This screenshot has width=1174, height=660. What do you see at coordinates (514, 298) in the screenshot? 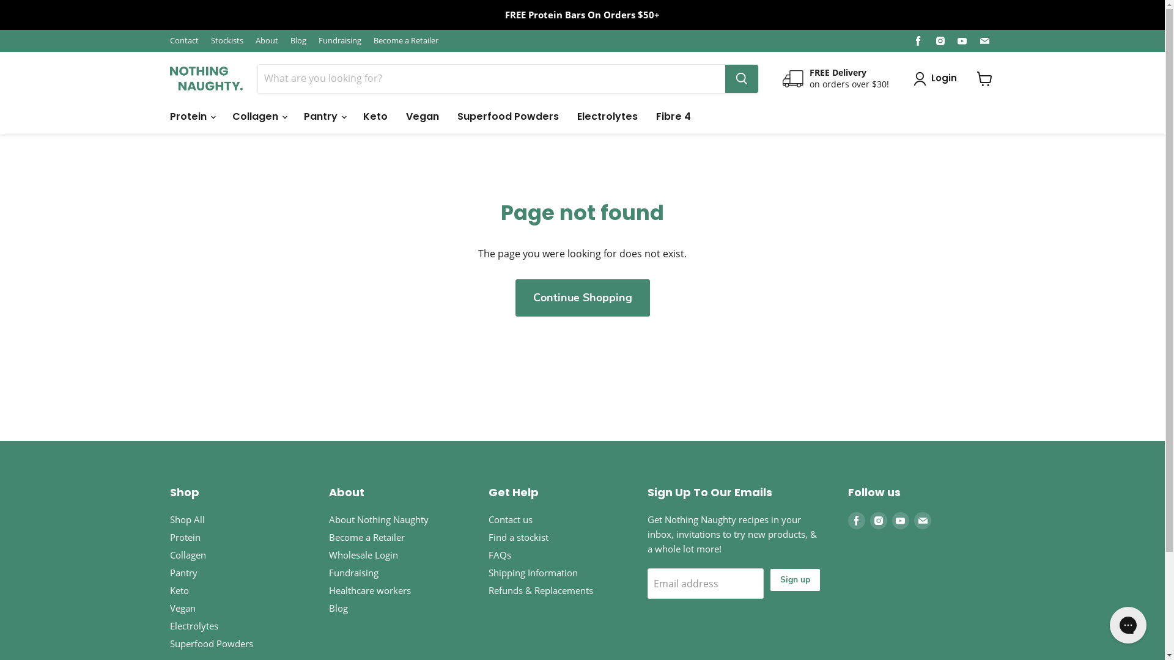
I see `'Continue Shopping'` at bounding box center [514, 298].